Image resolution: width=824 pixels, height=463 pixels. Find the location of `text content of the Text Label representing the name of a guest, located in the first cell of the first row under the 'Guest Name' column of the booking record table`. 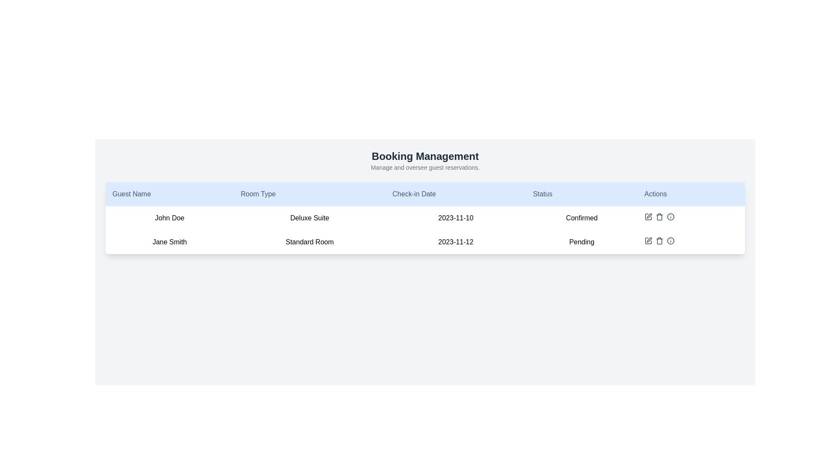

text content of the Text Label representing the name of a guest, located in the first cell of the first row under the 'Guest Name' column of the booking record table is located at coordinates (170, 218).